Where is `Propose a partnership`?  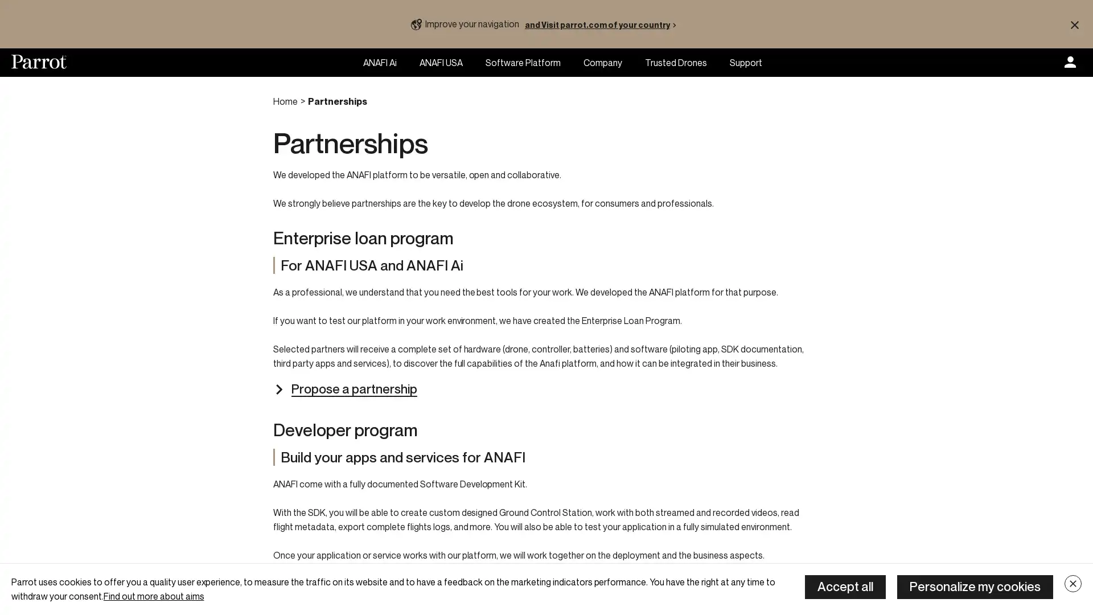
Propose a partnership is located at coordinates (344, 388).